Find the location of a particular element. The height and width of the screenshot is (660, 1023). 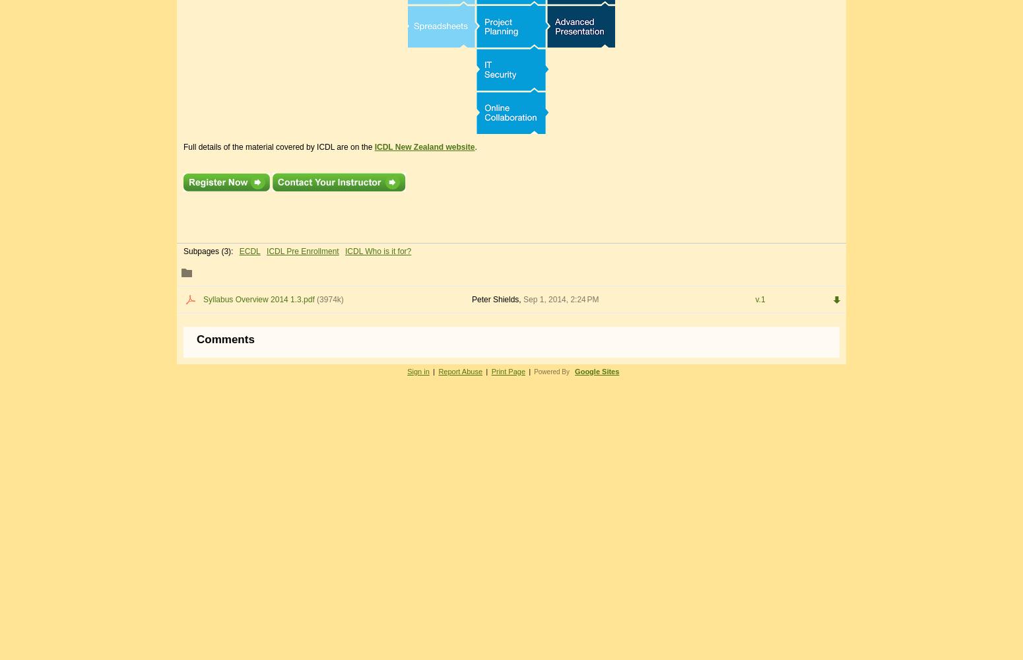

'ECDL' is located at coordinates (238, 251).